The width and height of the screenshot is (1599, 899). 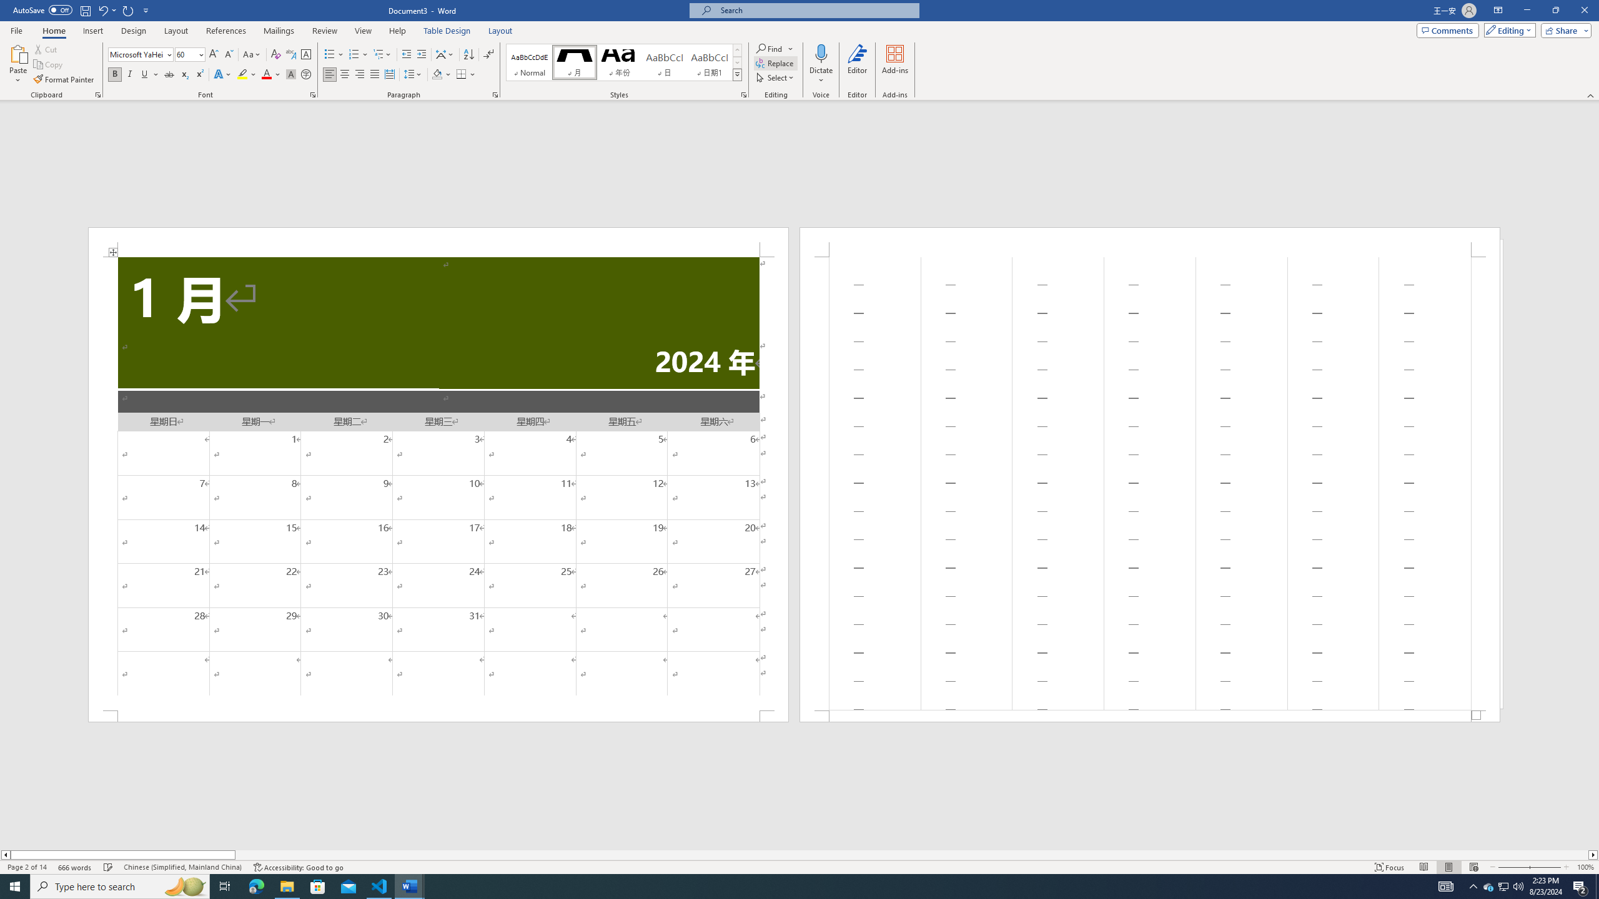 What do you see at coordinates (1448, 867) in the screenshot?
I see `'Print Layout'` at bounding box center [1448, 867].